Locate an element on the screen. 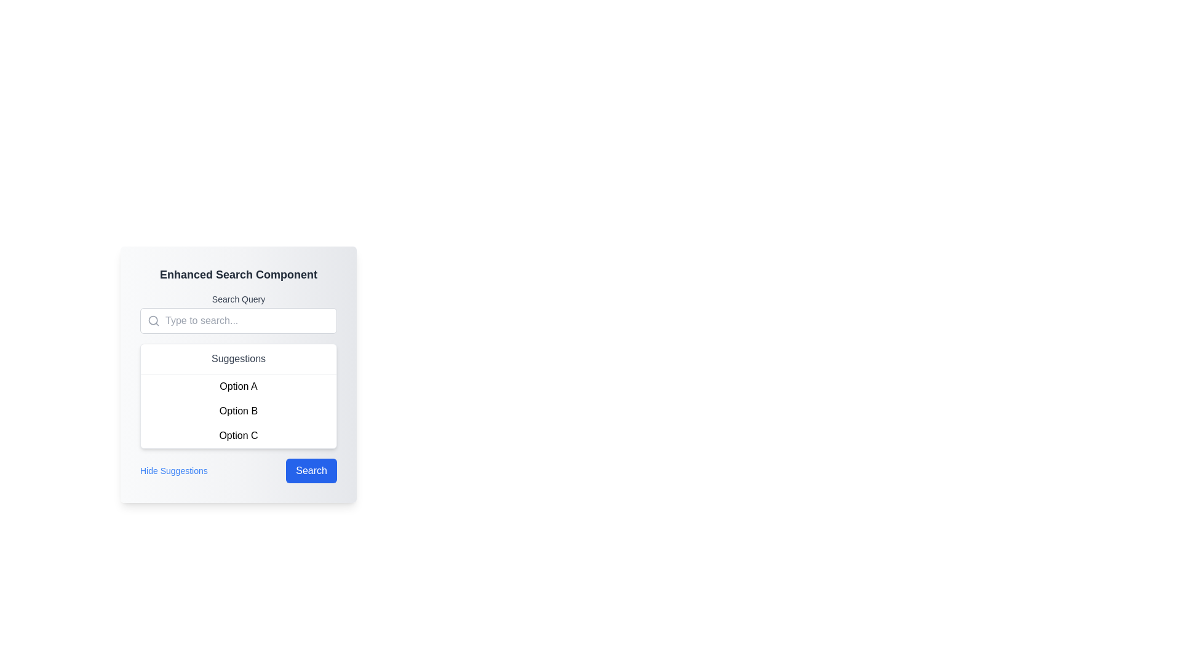 The image size is (1181, 664). the magnifying glass icon representing the search function, which is located to the far left of the 'Search Query' input field is located at coordinates (153, 320).